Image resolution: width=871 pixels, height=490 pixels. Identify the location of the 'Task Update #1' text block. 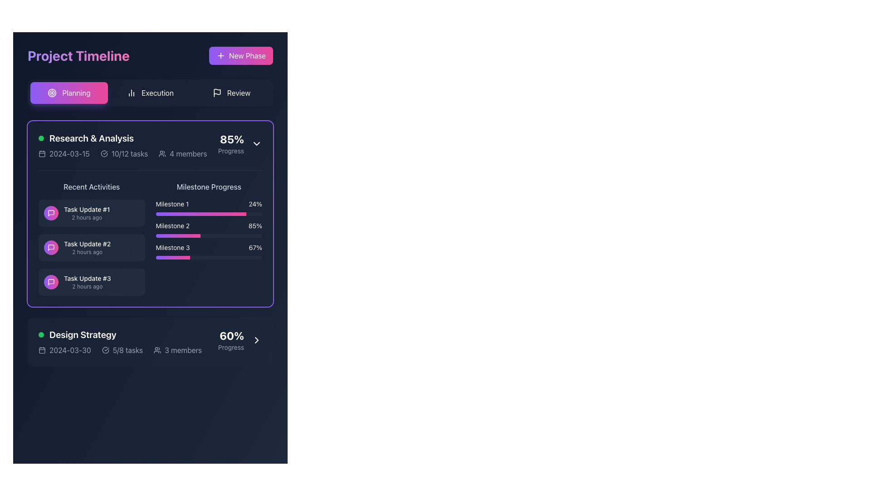
(87, 213).